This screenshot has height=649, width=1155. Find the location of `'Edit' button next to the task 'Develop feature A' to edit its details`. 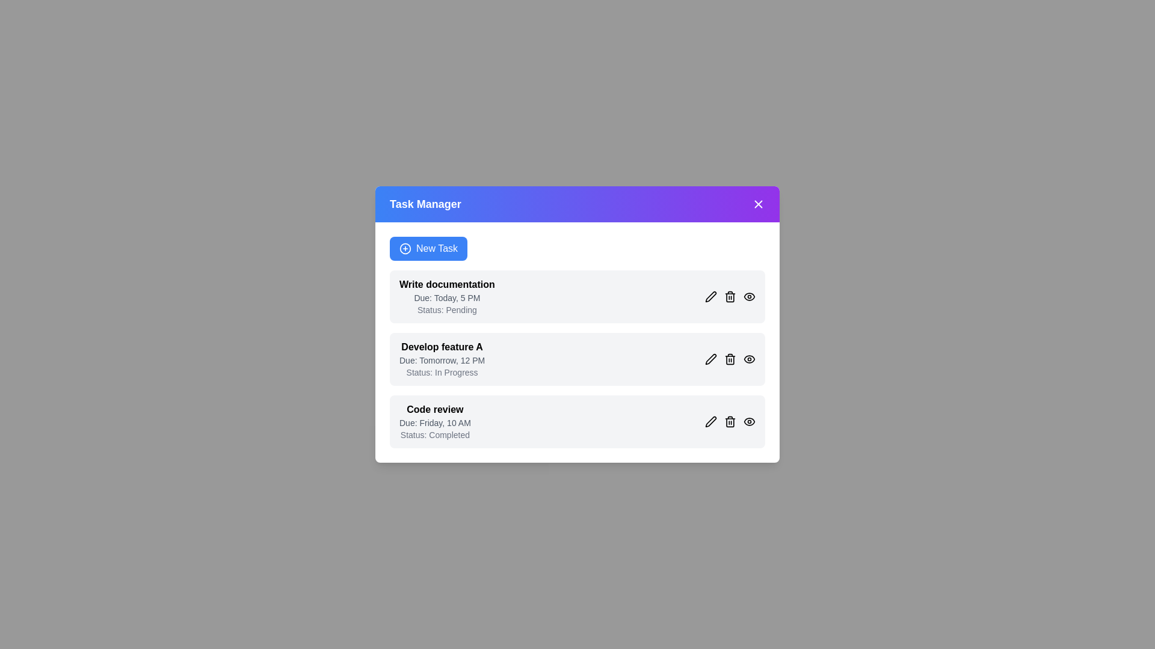

'Edit' button next to the task 'Develop feature A' to edit its details is located at coordinates (710, 358).